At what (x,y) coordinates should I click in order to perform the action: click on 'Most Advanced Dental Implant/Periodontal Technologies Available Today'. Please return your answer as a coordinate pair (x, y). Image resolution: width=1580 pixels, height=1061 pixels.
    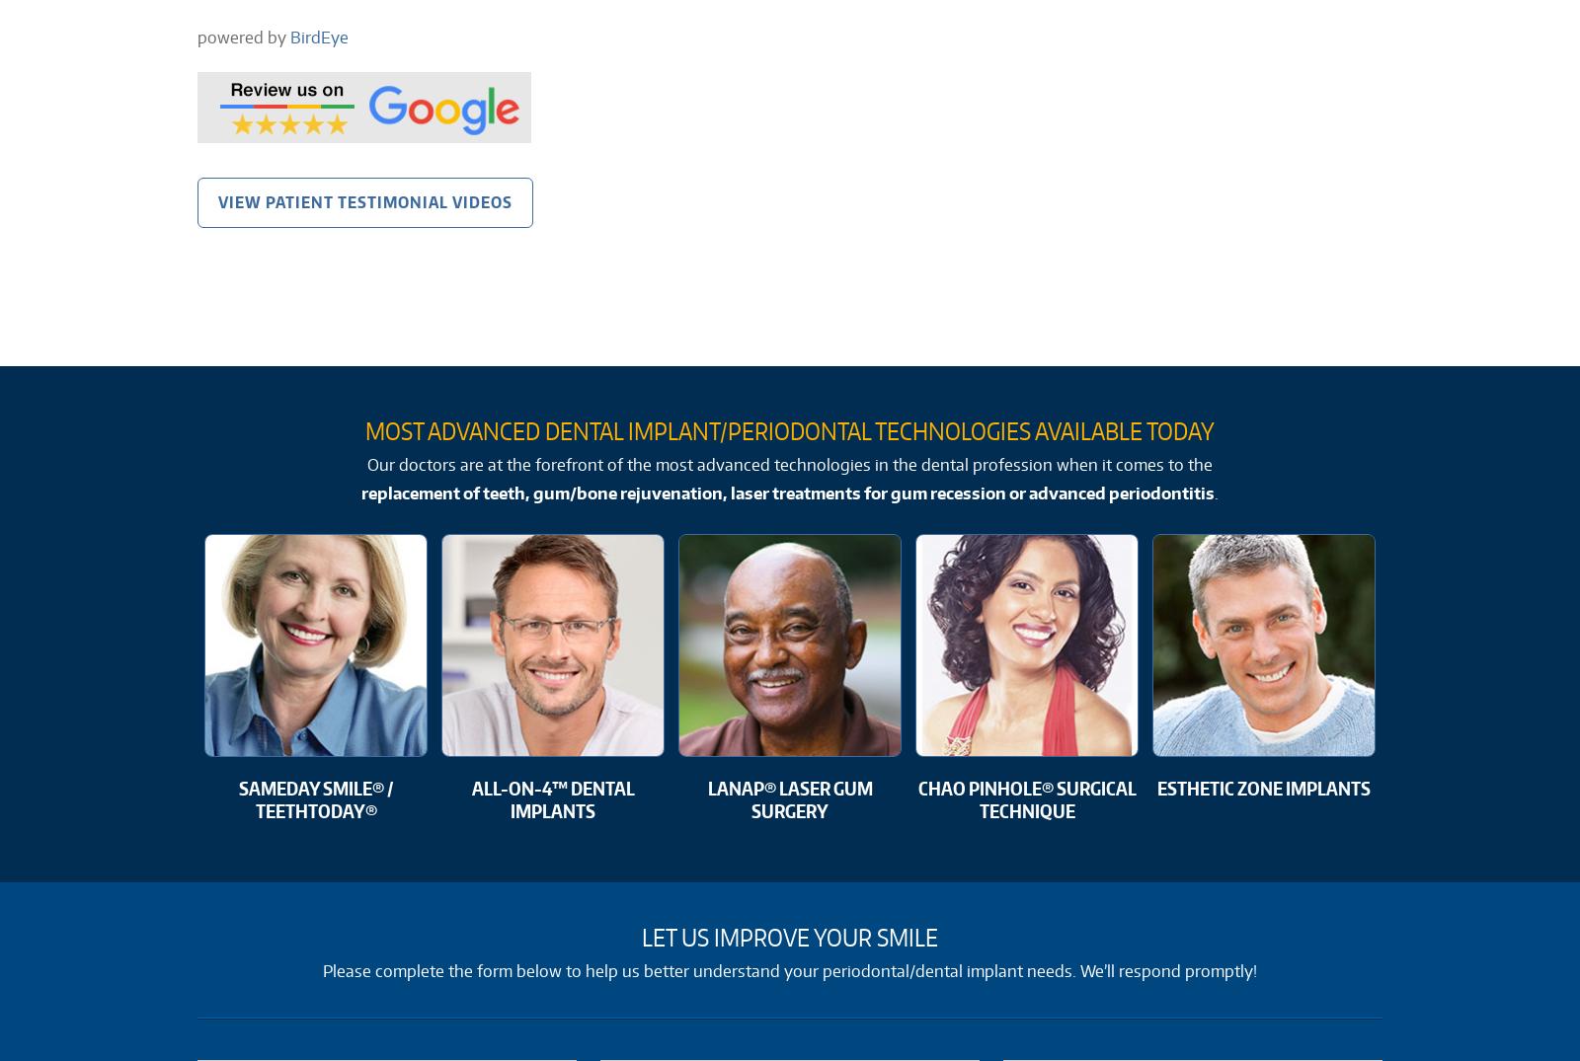
    Looking at the image, I should click on (790, 429).